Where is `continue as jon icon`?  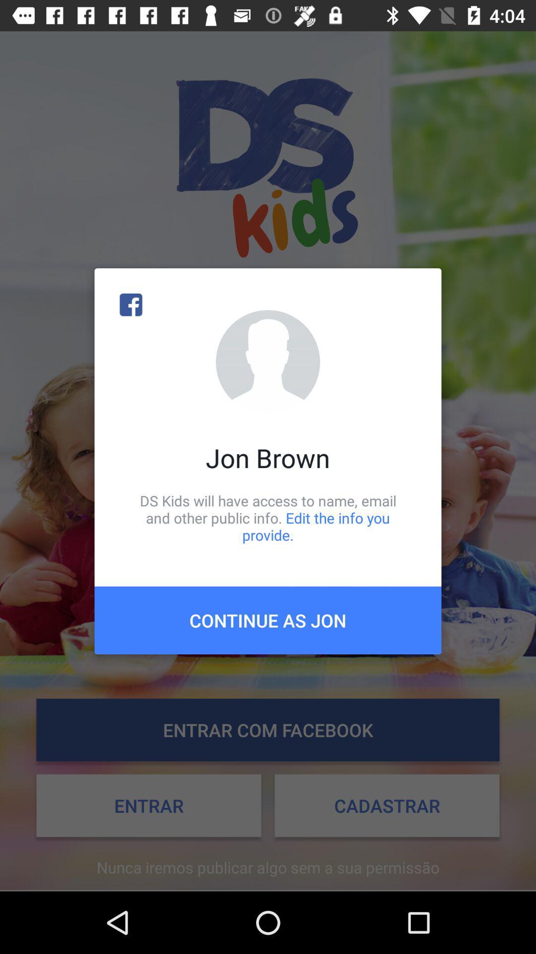 continue as jon icon is located at coordinates (268, 620).